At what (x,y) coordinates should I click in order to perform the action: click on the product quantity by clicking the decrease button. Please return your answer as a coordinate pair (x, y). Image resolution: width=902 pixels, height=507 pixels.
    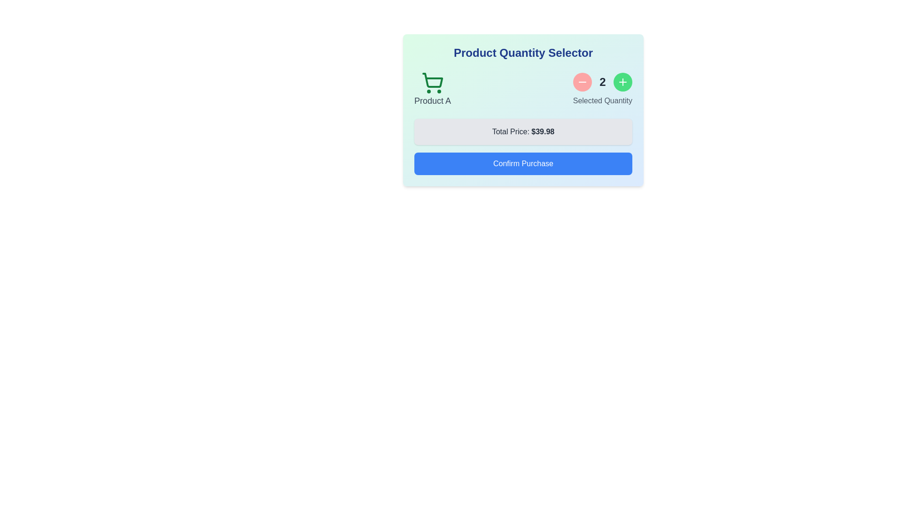
    Looking at the image, I should click on (582, 81).